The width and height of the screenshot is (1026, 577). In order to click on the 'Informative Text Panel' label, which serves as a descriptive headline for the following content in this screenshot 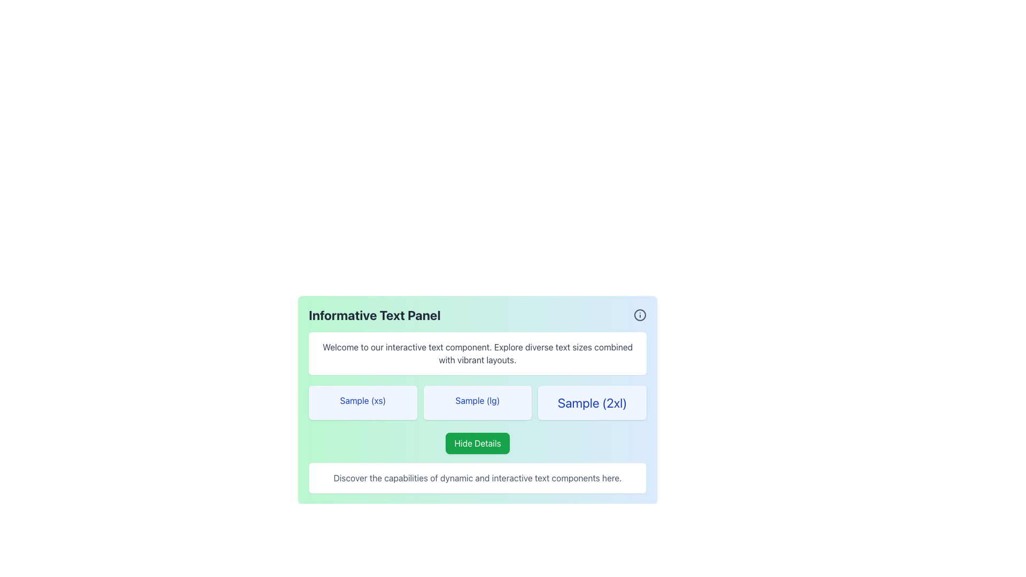, I will do `click(375, 315)`.